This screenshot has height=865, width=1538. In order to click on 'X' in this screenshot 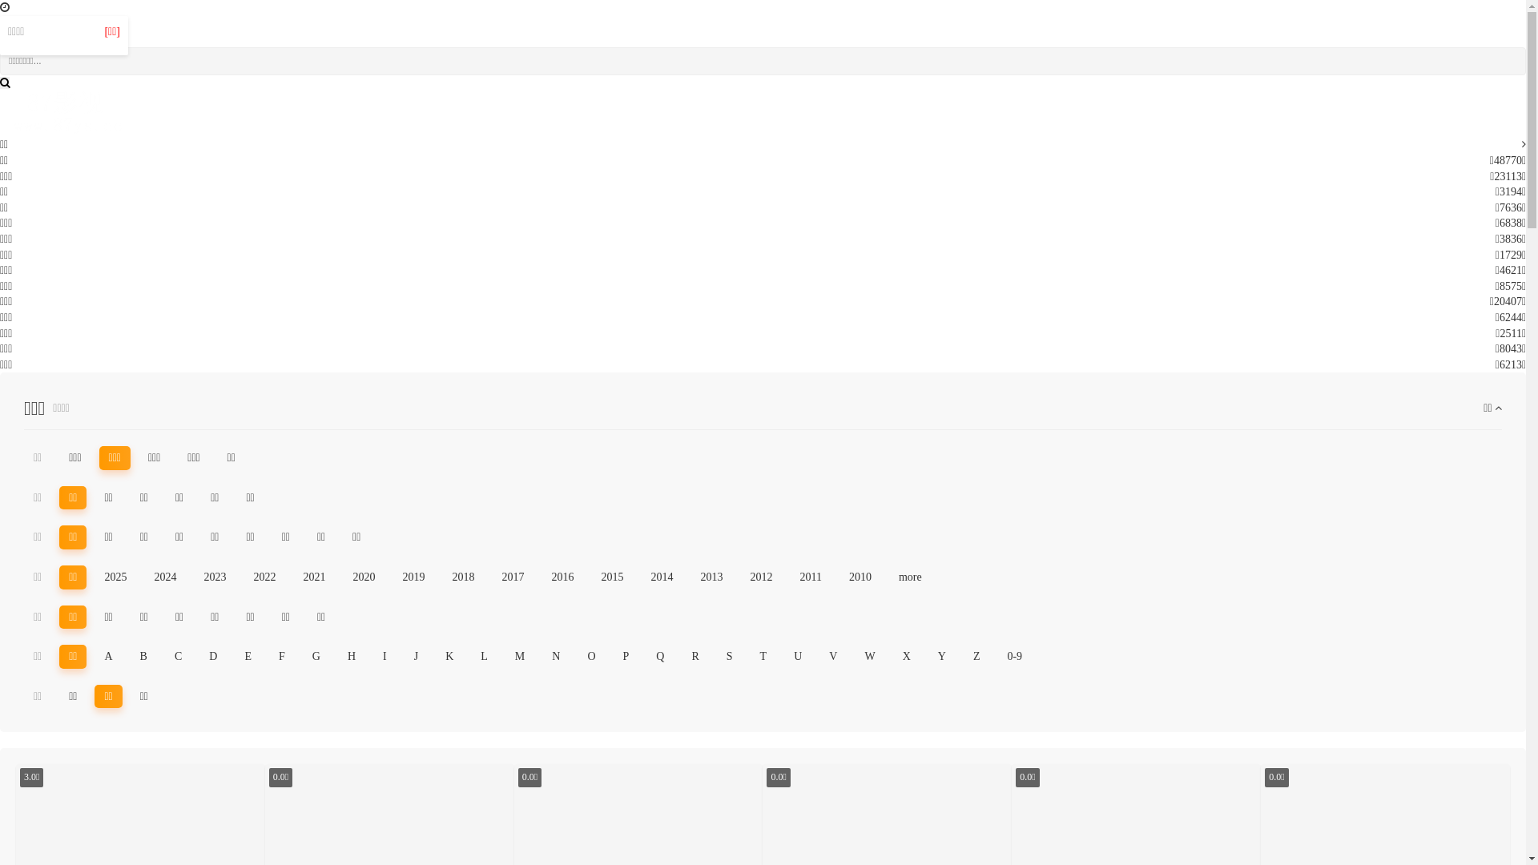, I will do `click(907, 657)`.